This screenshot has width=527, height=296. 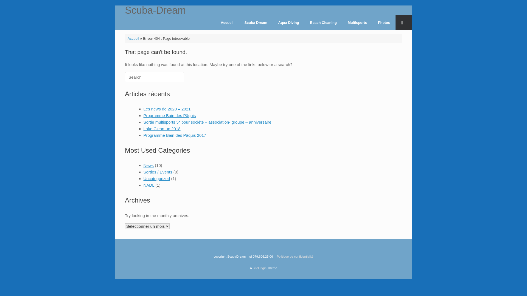 What do you see at coordinates (148, 185) in the screenshot?
I see `'NADL'` at bounding box center [148, 185].